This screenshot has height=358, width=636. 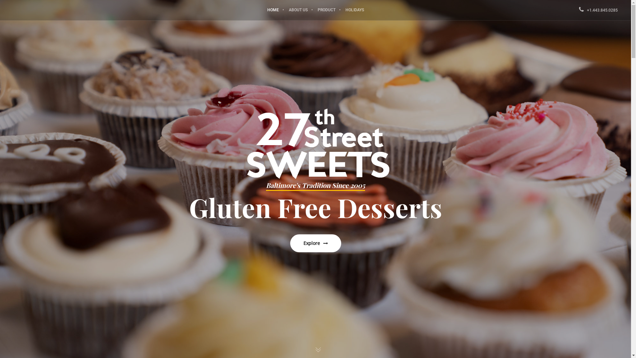 I want to click on 'HOLIDAYS', so click(x=354, y=10).